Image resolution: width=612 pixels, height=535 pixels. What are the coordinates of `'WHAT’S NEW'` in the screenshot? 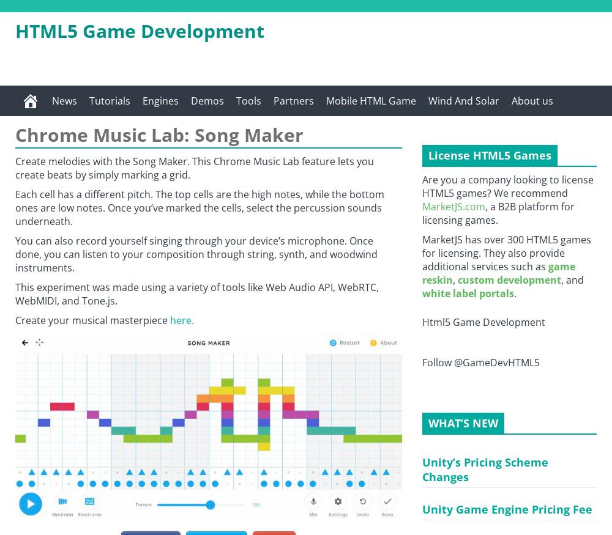 It's located at (463, 423).